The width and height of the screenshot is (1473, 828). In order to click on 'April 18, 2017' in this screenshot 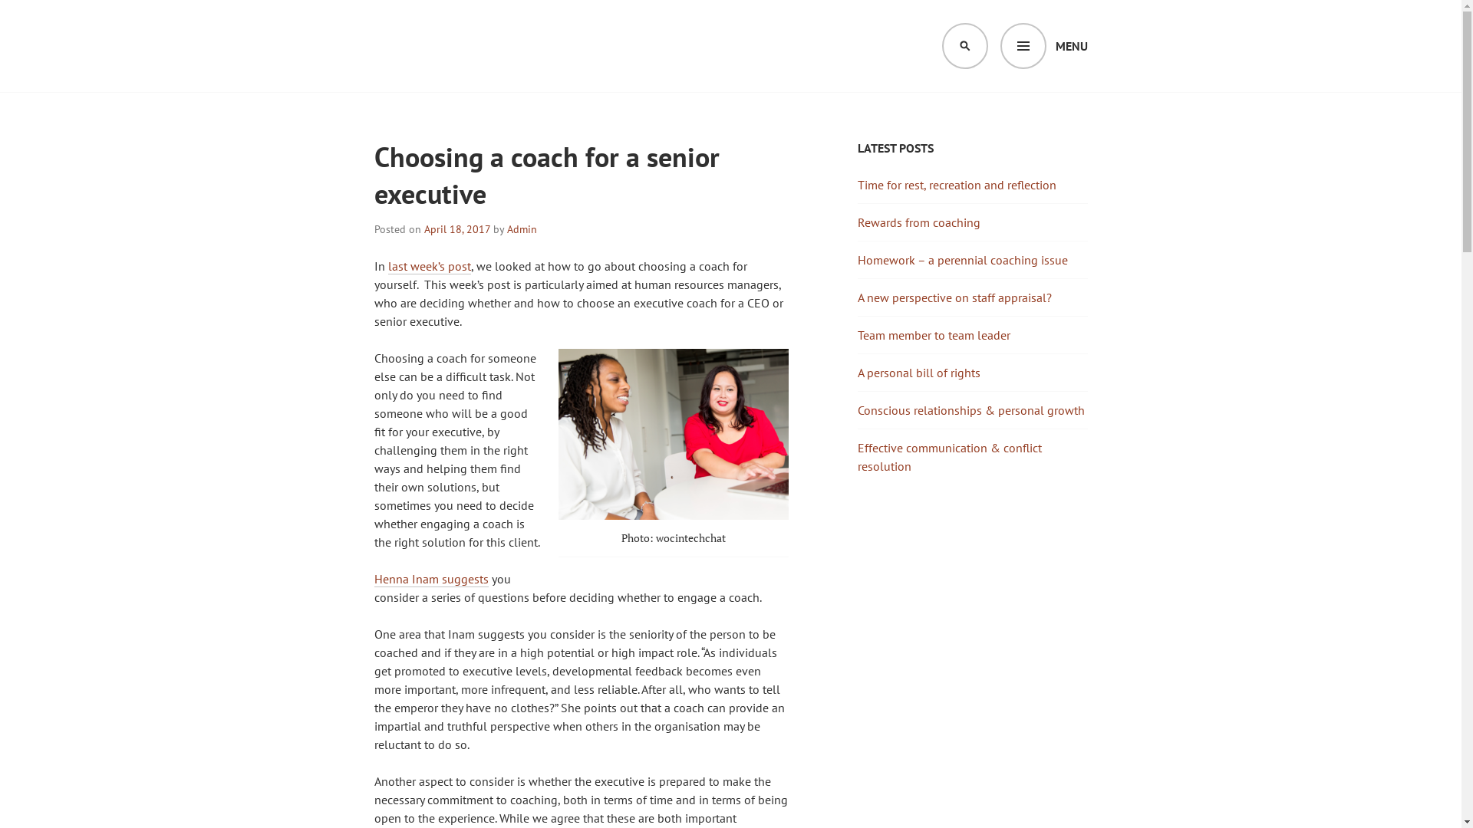, I will do `click(423, 229)`.